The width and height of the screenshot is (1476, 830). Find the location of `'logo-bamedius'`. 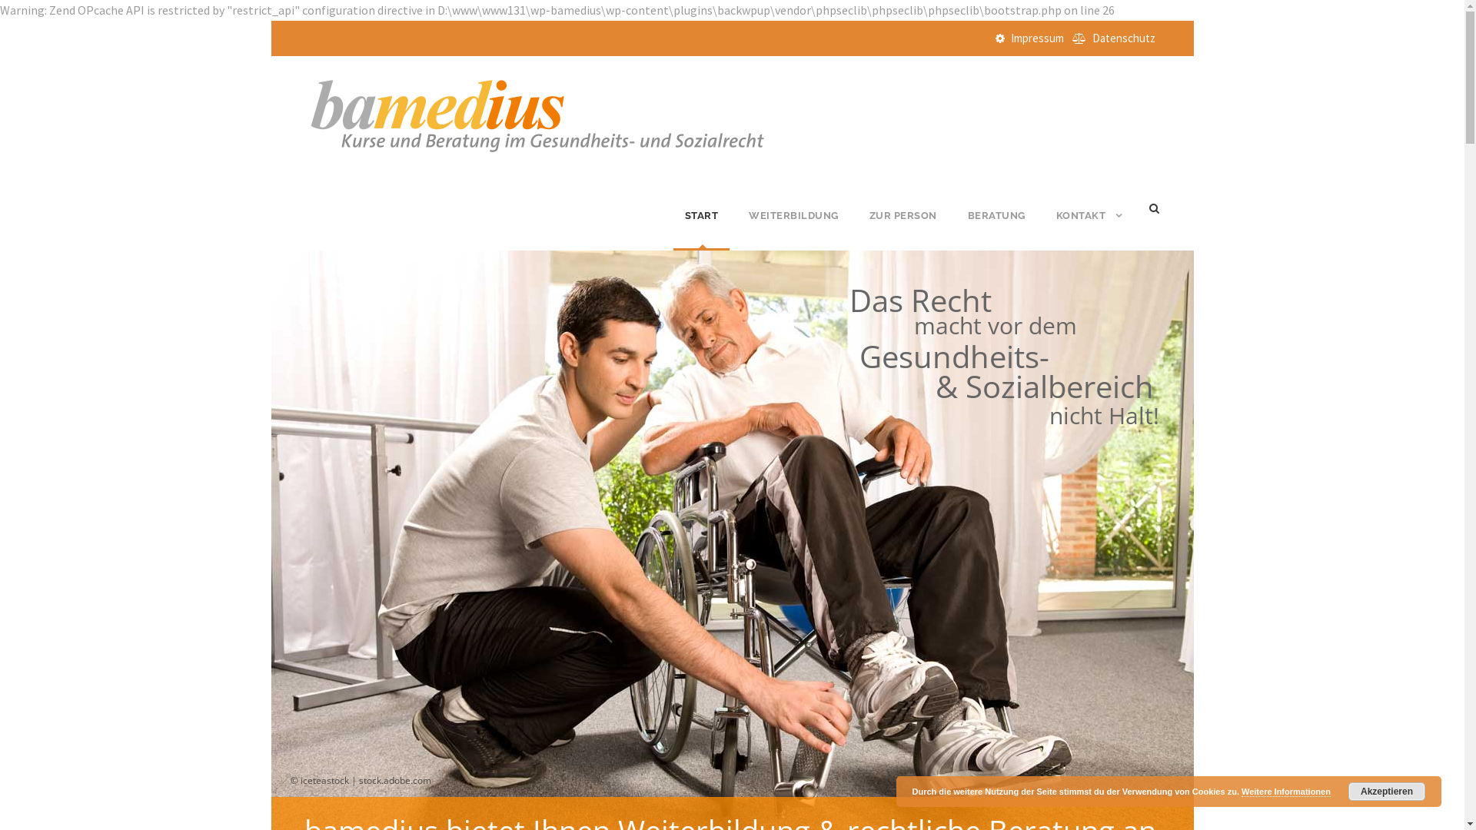

'logo-bamedius' is located at coordinates (306, 112).